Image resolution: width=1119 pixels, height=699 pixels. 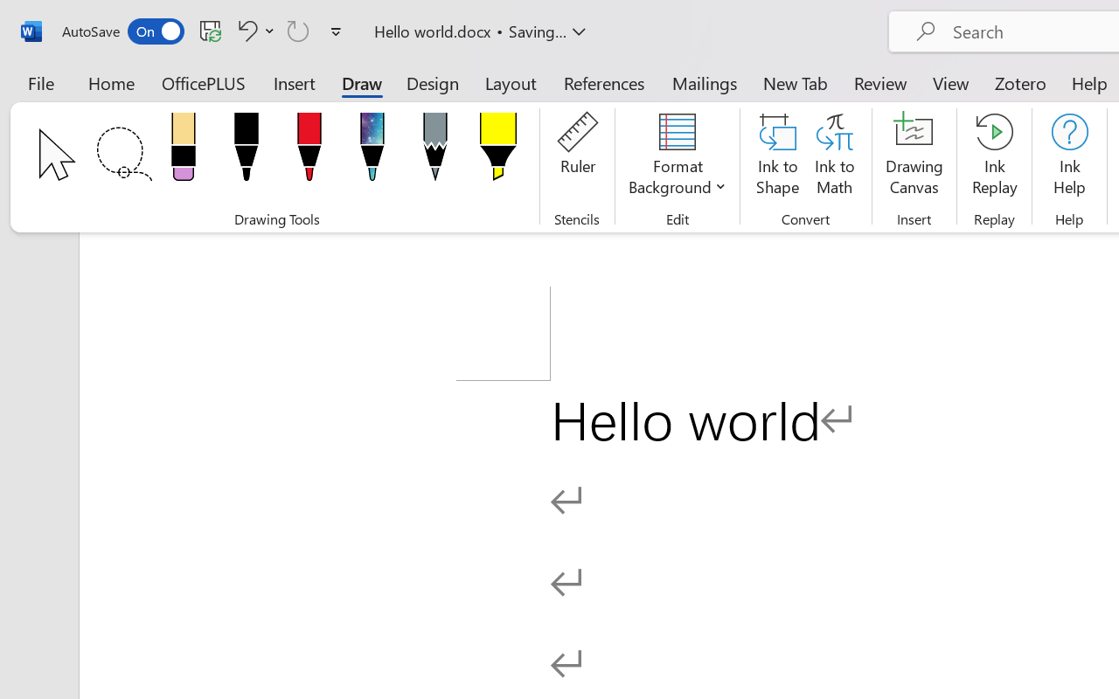 What do you see at coordinates (510, 82) in the screenshot?
I see `'Layout'` at bounding box center [510, 82].